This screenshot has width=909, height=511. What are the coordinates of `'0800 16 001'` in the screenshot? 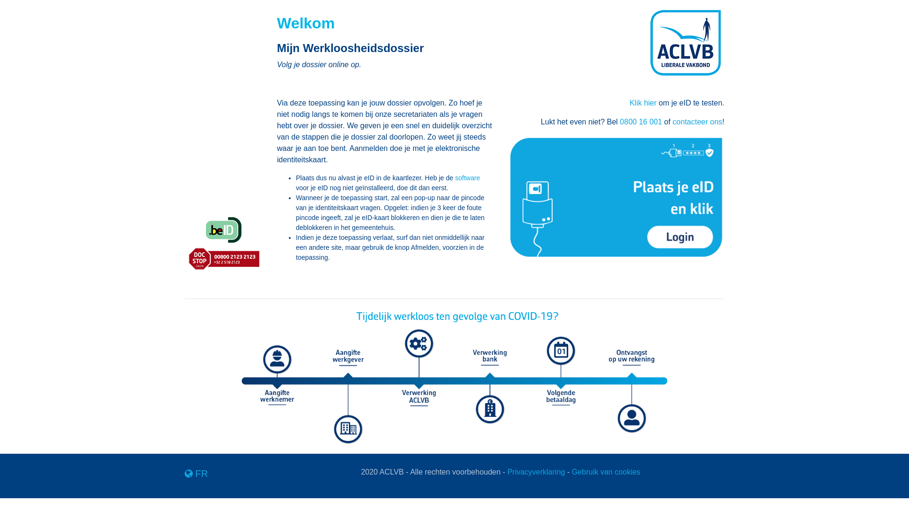 It's located at (641, 121).